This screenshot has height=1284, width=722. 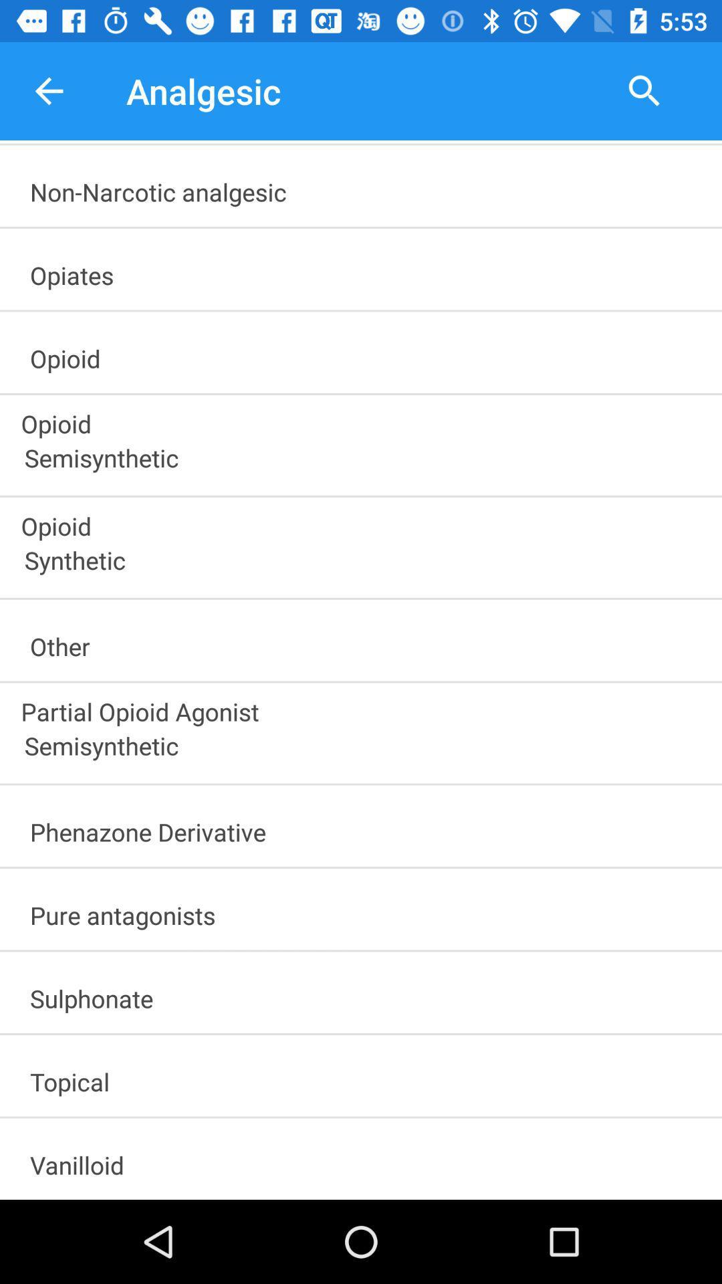 What do you see at coordinates (367, 564) in the screenshot?
I see `the synthetic item` at bounding box center [367, 564].